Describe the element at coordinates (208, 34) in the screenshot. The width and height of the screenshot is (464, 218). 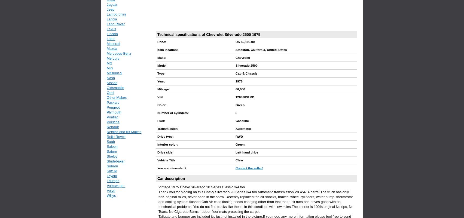
I see `'Technical specifications of Chevrolet Silverado 2500 1975'` at that location.